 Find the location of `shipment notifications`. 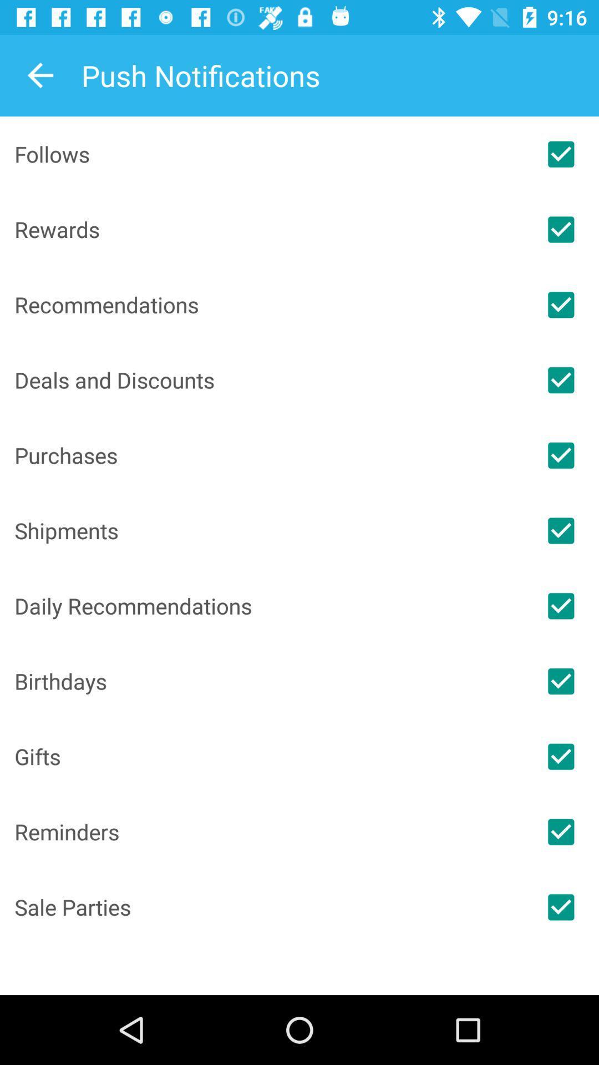

shipment notifications is located at coordinates (561, 530).